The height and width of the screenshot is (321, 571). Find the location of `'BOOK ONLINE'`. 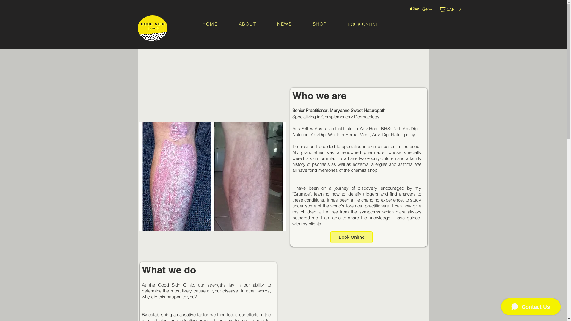

'BOOK ONLINE' is located at coordinates (342, 24).